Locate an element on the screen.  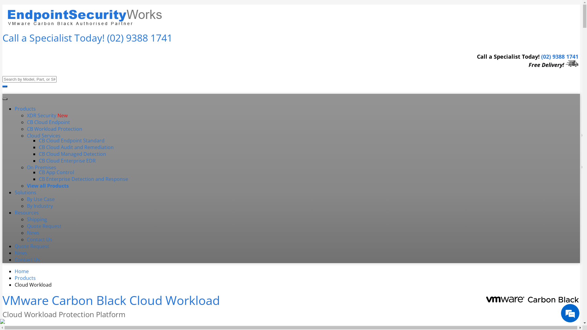
'News' is located at coordinates (21, 253).